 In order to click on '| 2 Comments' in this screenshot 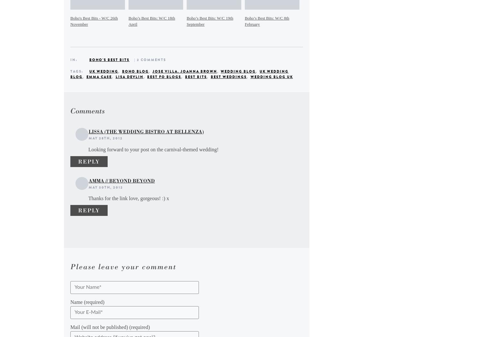, I will do `click(149, 59)`.